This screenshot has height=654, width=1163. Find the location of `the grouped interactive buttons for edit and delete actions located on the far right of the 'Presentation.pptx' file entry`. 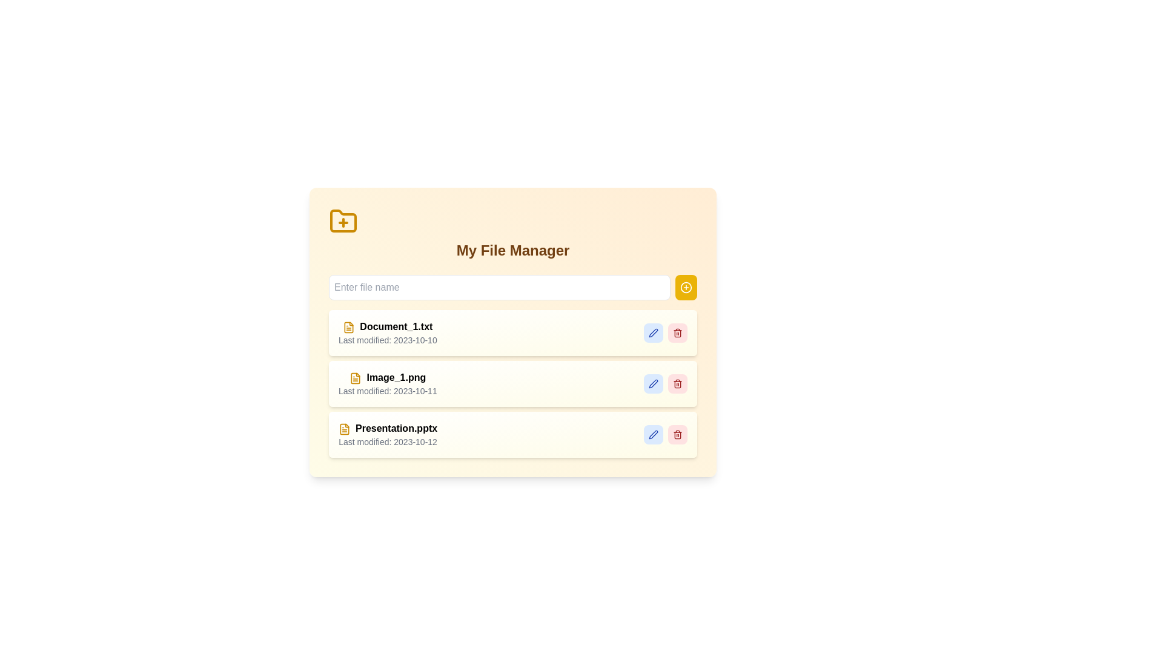

the grouped interactive buttons for edit and delete actions located on the far right of the 'Presentation.pptx' file entry is located at coordinates (665, 434).